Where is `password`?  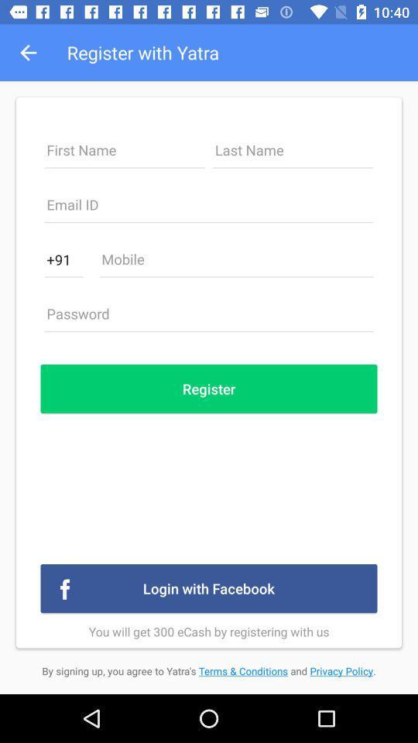
password is located at coordinates (209, 317).